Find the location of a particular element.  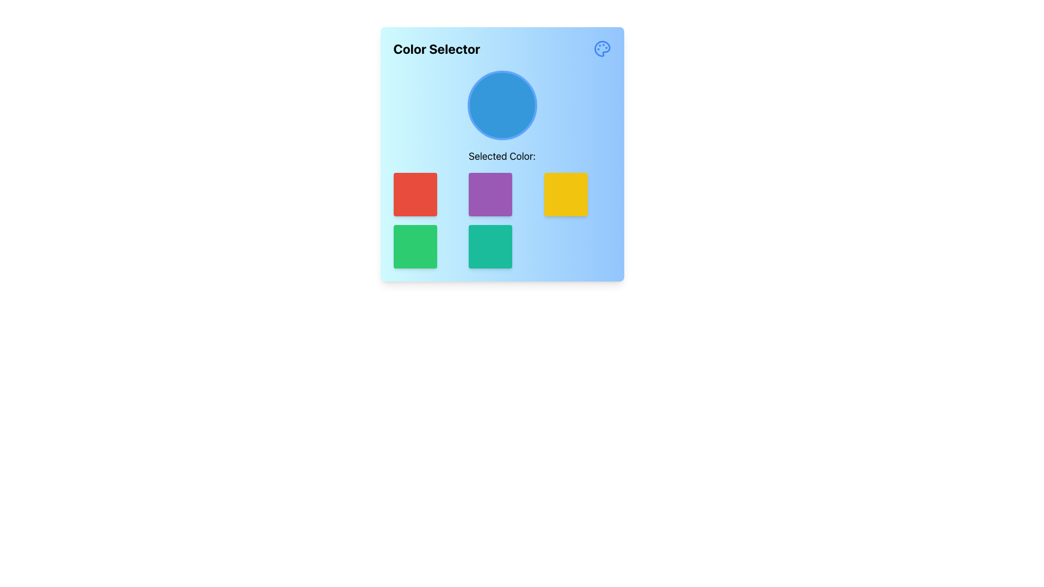

the circular button located at the top-right corner of the yellow tile in the color selection layout, which appears on hover or focus is located at coordinates (604, 179).